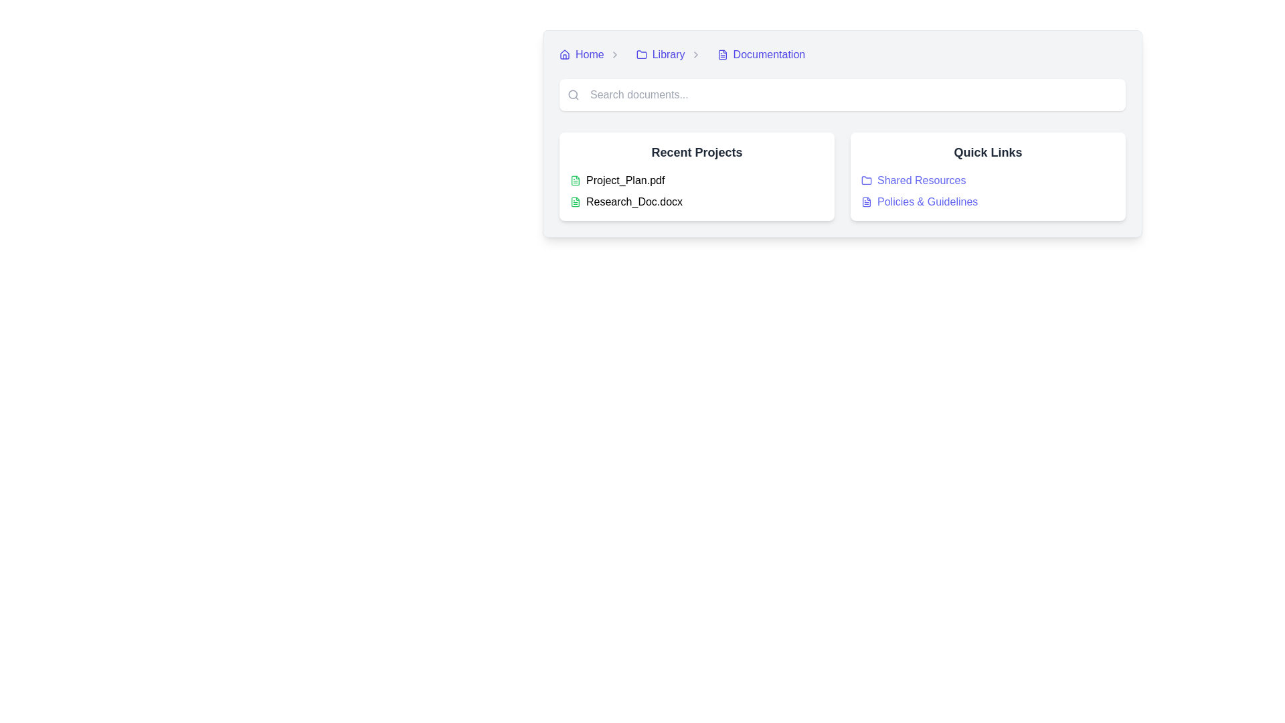 The width and height of the screenshot is (1285, 723). I want to click on the search icon located at the left end of the search bar, so click(574, 94).